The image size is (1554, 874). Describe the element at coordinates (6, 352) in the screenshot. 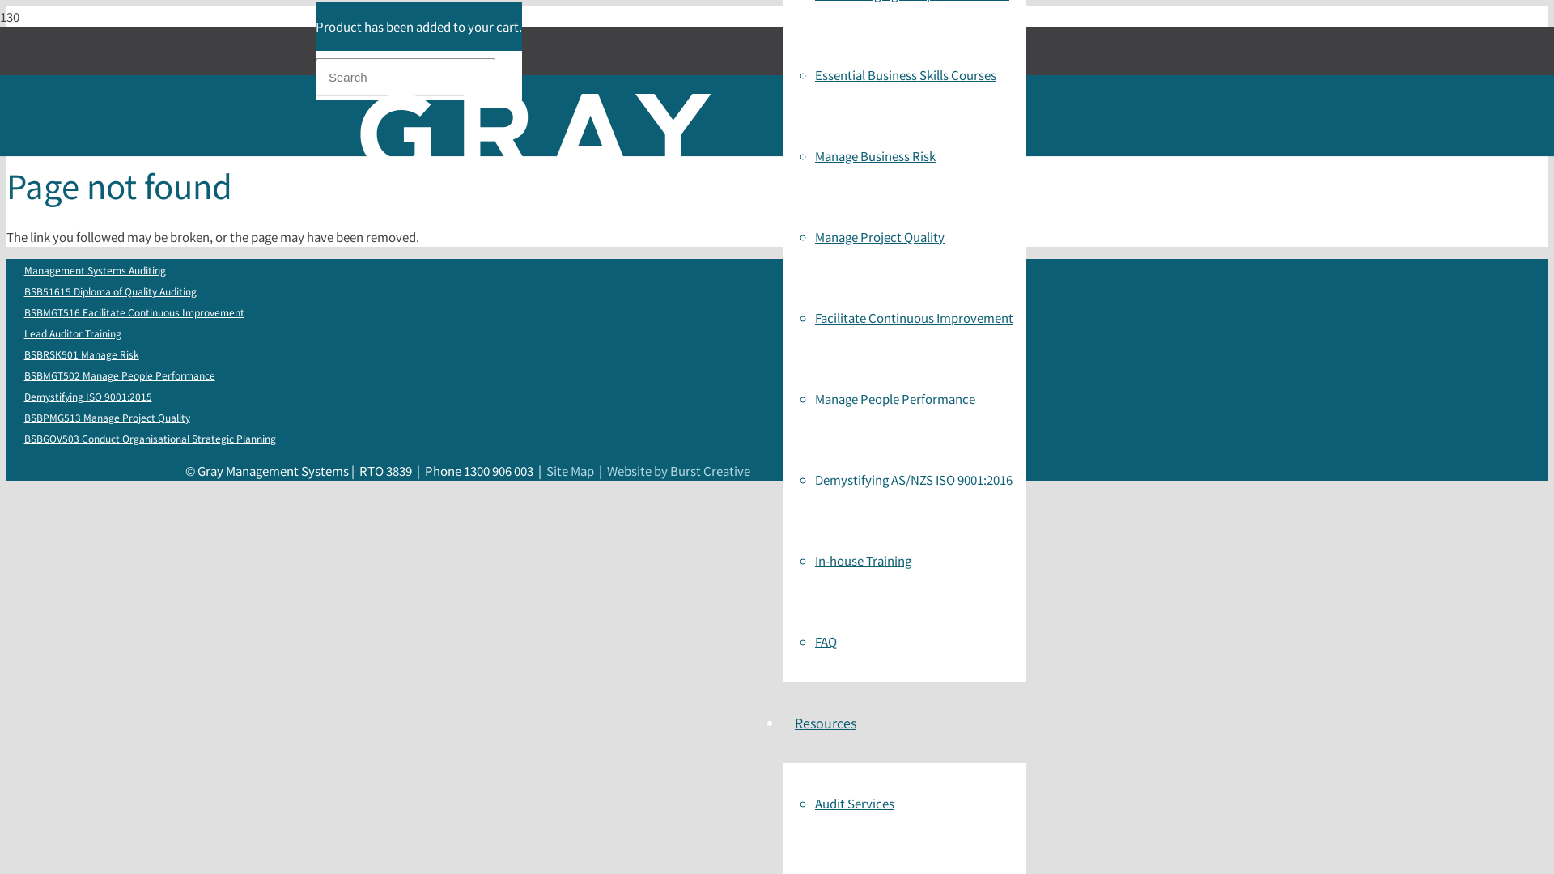

I see `'BSBRSK501 Manage Risk'` at that location.